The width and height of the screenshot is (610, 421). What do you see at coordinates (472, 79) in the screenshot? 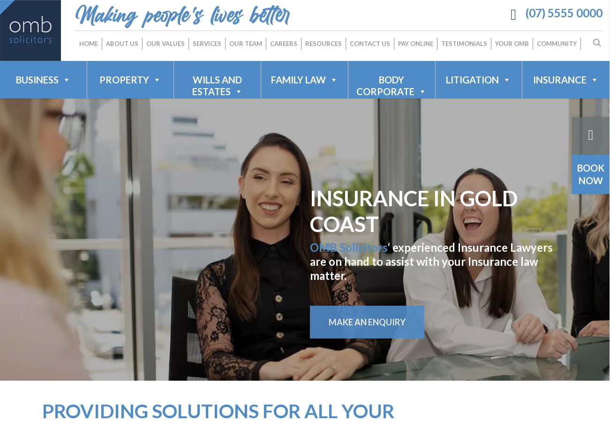
I see `'LITIGATION'` at bounding box center [472, 79].